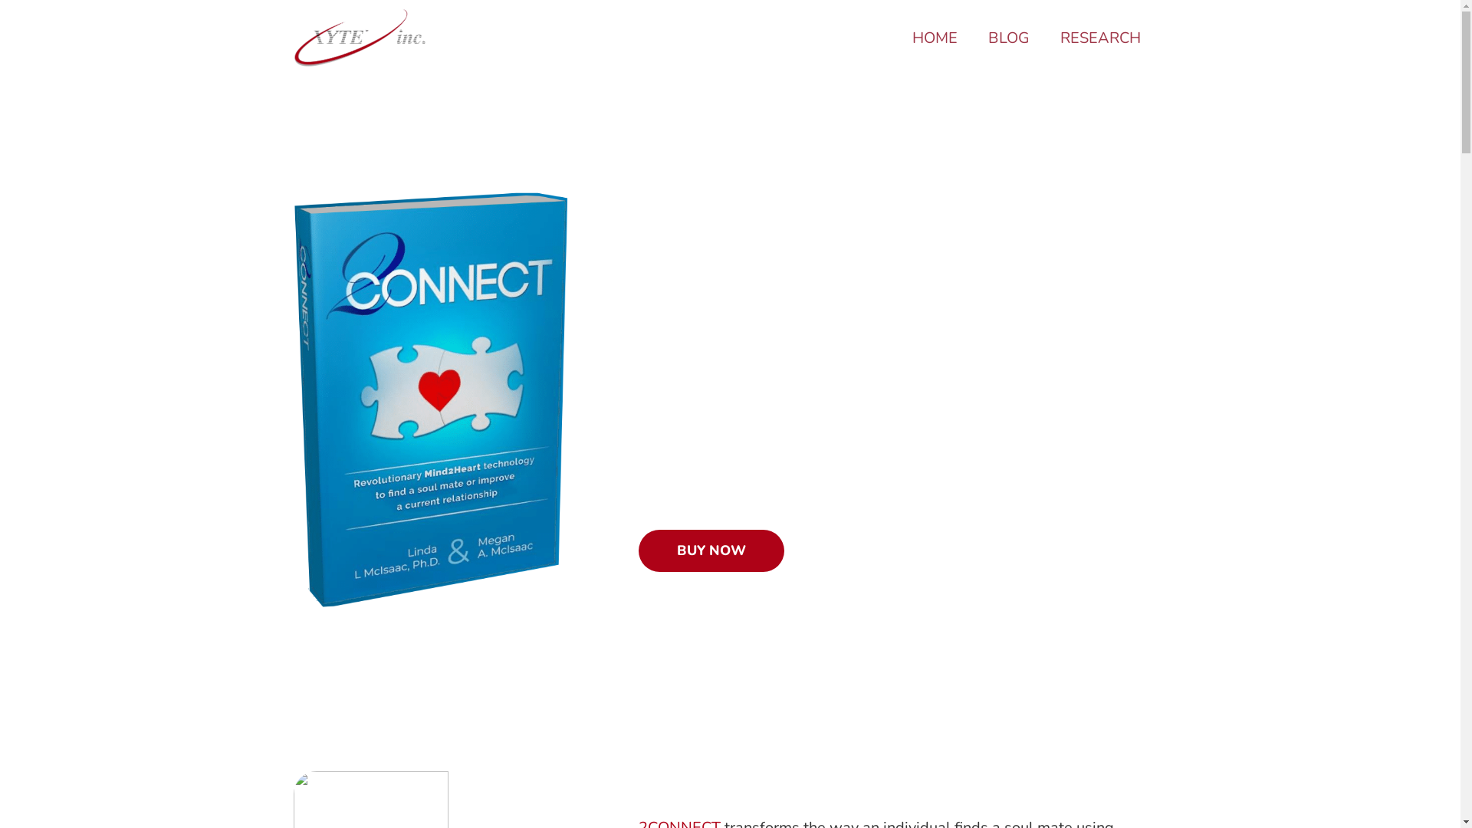  Describe the element at coordinates (1099, 38) in the screenshot. I see `'RESEARCH'` at that location.